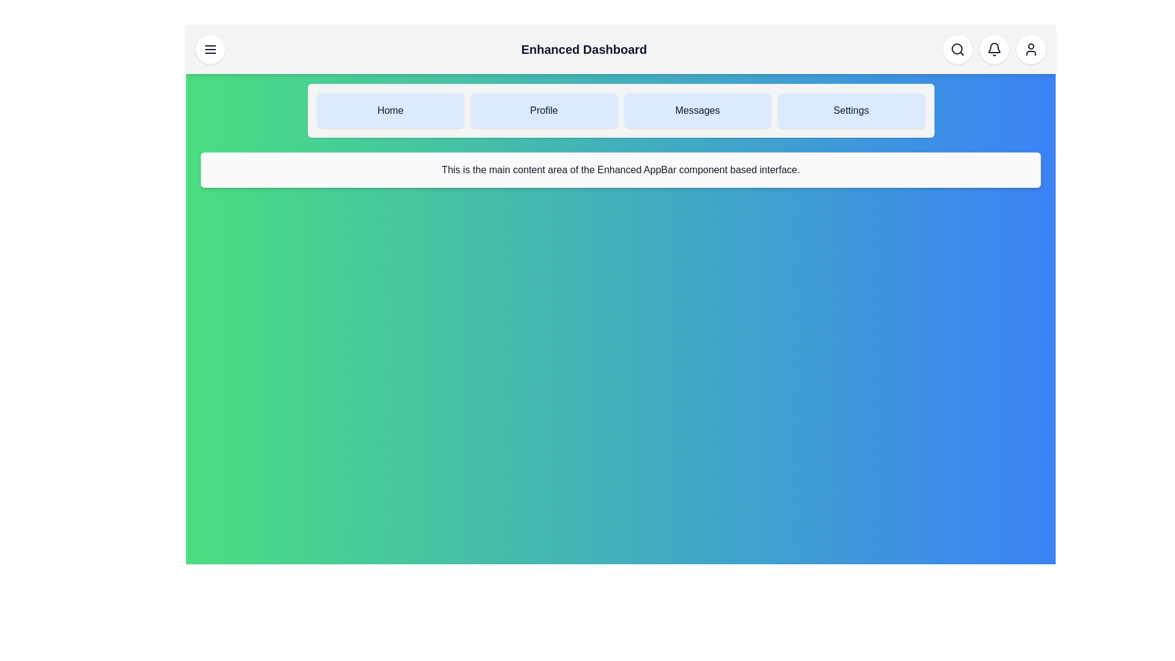 The width and height of the screenshot is (1175, 661). Describe the element at coordinates (698, 111) in the screenshot. I see `the navigation item Messages` at that location.